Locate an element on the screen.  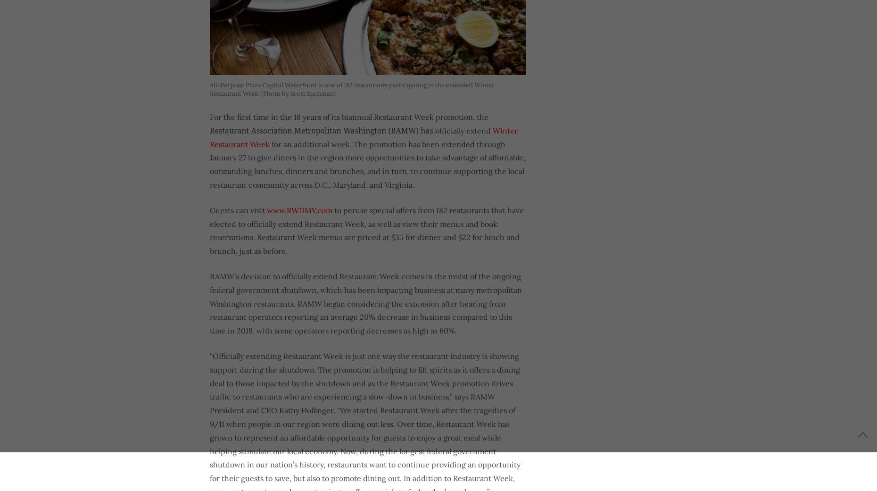
'www.RWDMV.com' is located at coordinates (299, 209).